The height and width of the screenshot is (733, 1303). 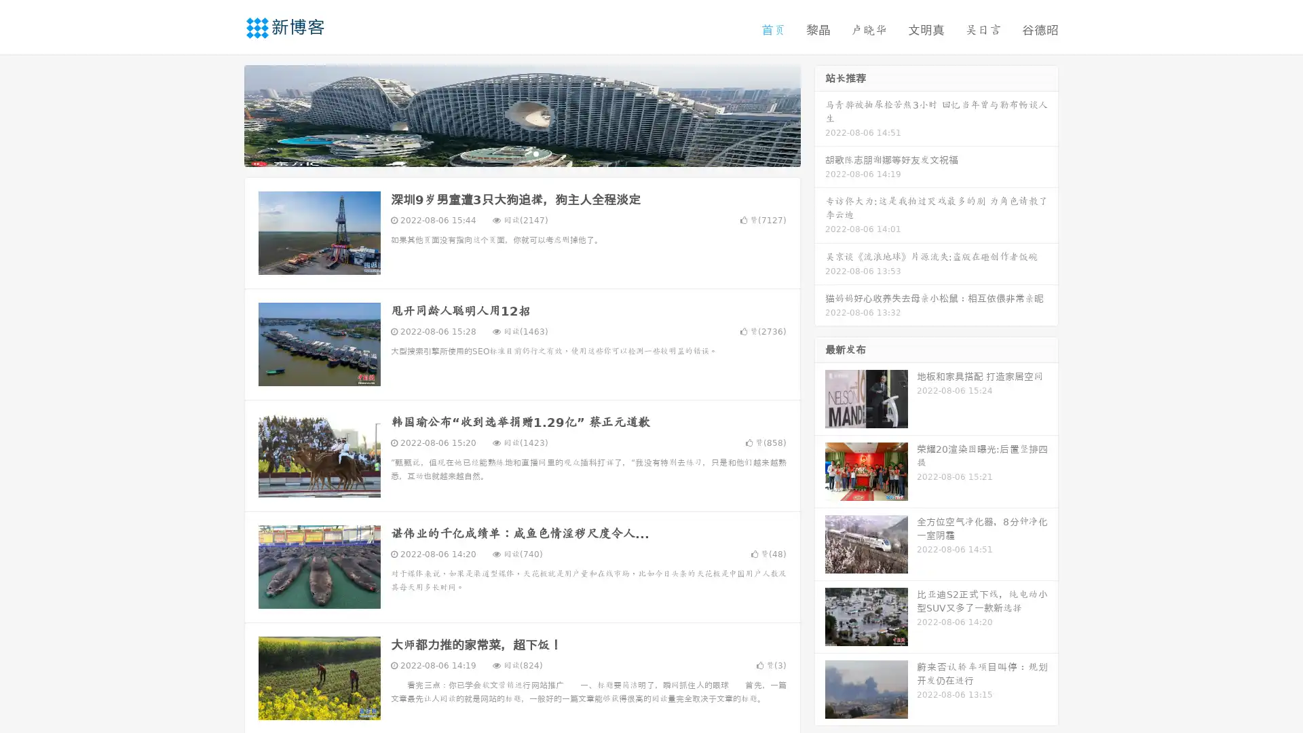 What do you see at coordinates (820, 114) in the screenshot?
I see `Next slide` at bounding box center [820, 114].